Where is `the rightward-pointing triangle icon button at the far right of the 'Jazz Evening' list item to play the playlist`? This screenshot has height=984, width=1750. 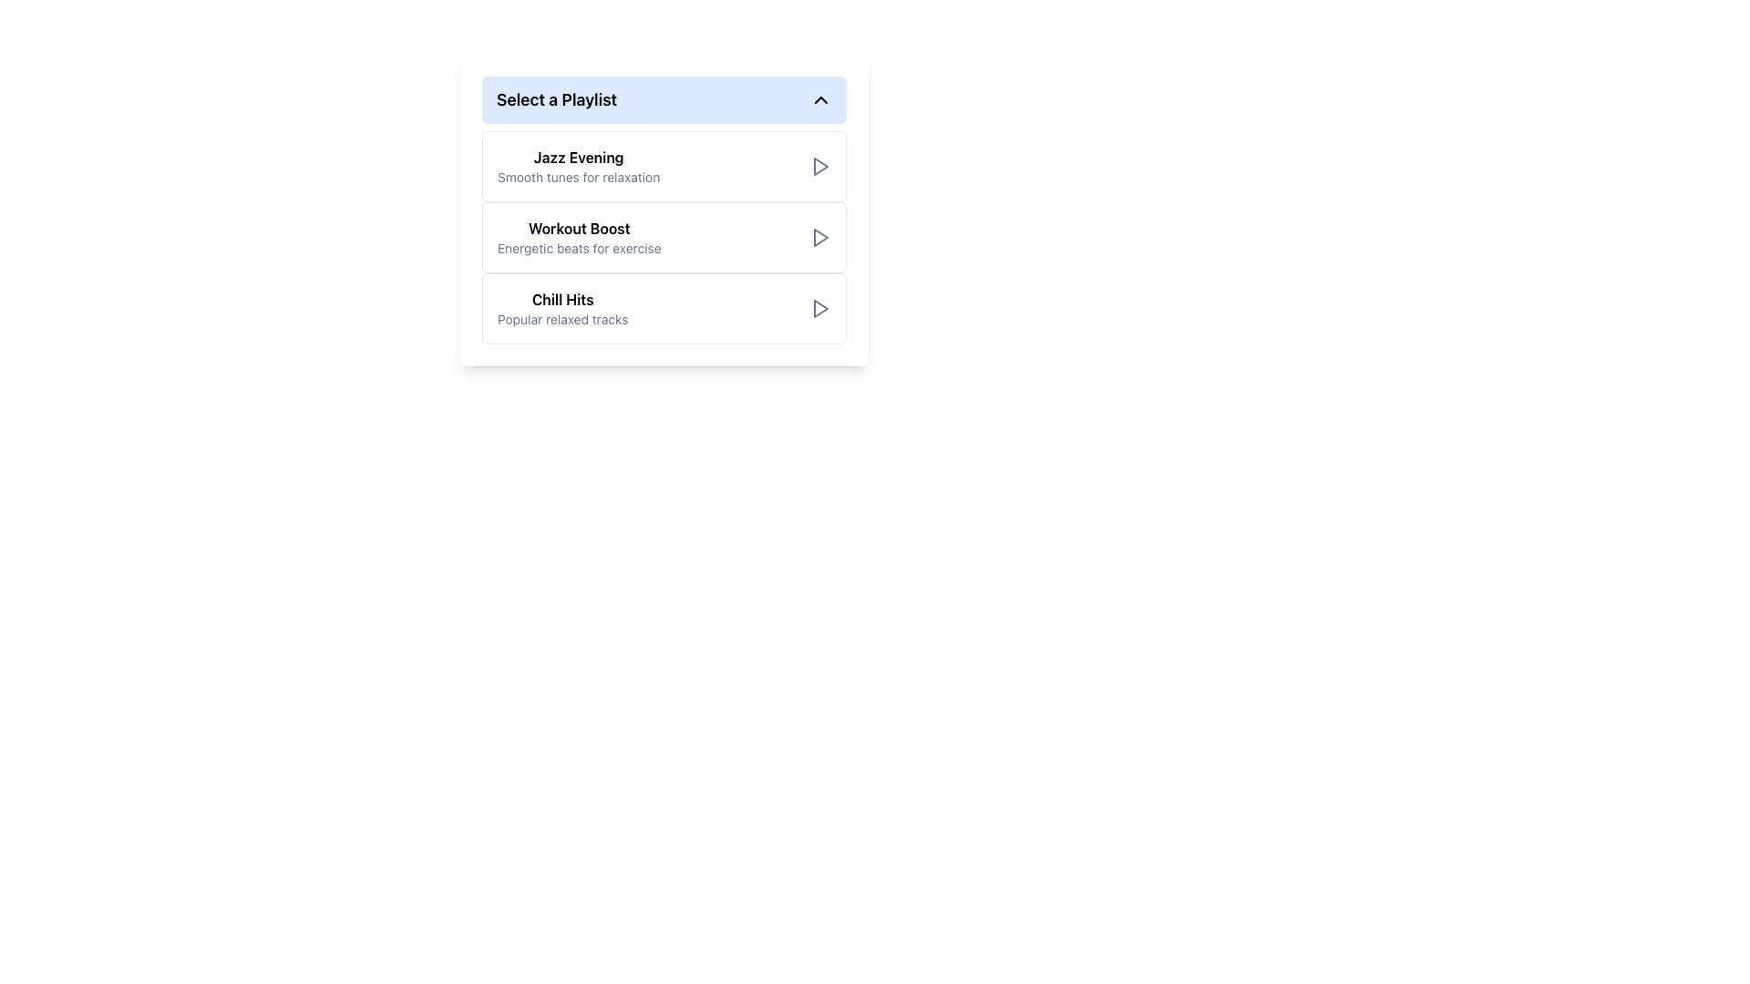
the rightward-pointing triangle icon button at the far right of the 'Jazz Evening' list item to play the playlist is located at coordinates (819, 166).